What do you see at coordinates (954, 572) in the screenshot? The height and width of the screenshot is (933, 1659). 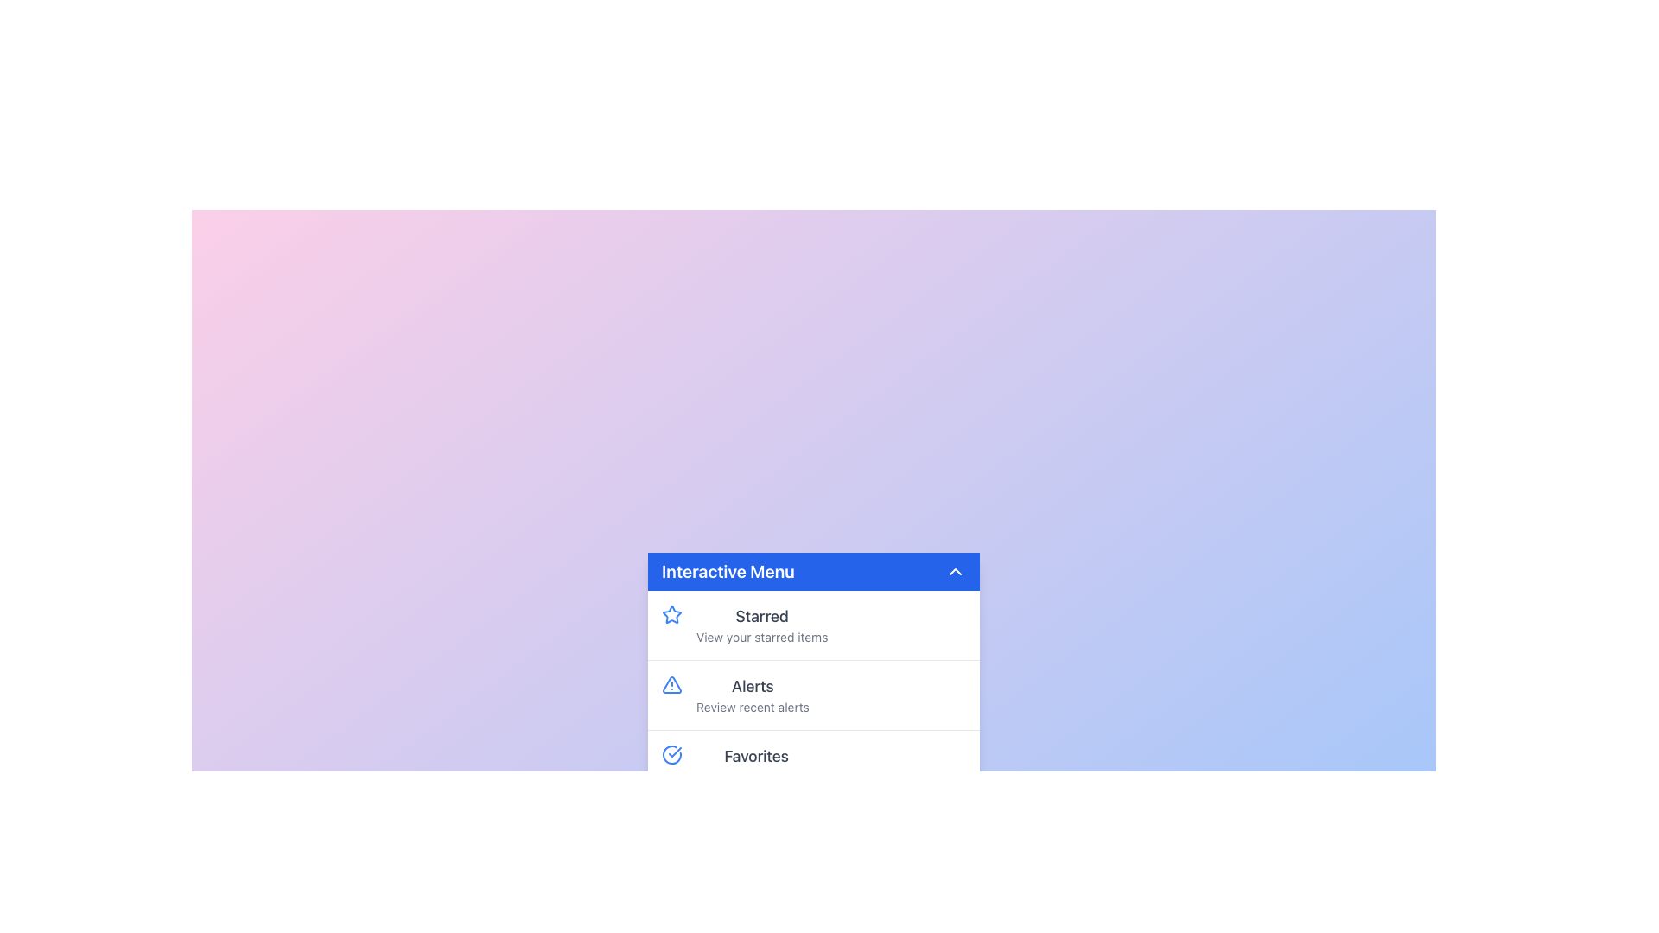 I see `the upward-facing chevron icon button located on the far right of the blue header bar labeled 'Interactive Menu'` at bounding box center [954, 572].